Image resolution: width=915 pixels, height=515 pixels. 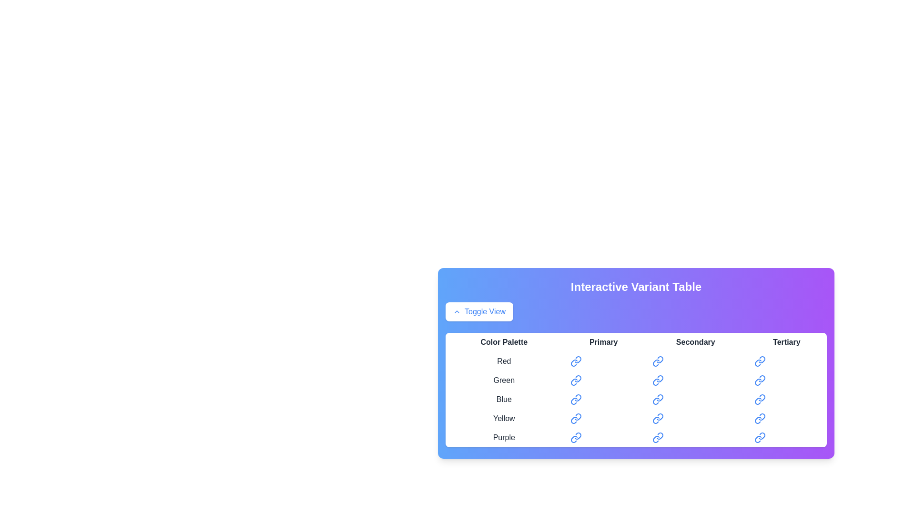 I want to click on the Hyperlink Icon located in the last column of the row associated with the color 'Red' in the 'Interactive Variant Table' to follow the link, so click(x=759, y=361).